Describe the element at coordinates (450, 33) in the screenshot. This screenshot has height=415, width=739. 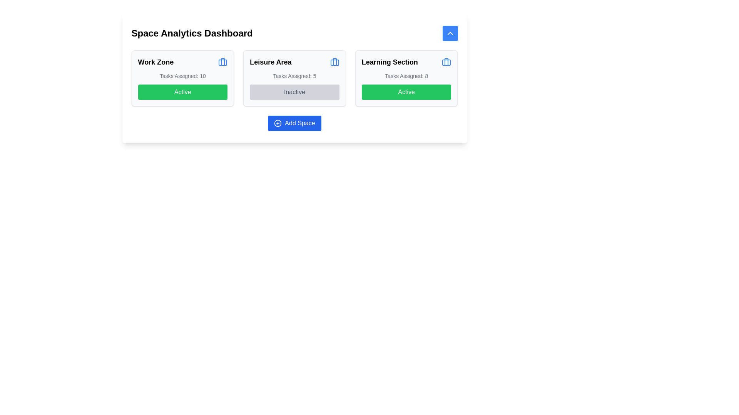
I see `the blue circular button icon in the top-right corner of the interface, above the 'Learning Section' card` at that location.